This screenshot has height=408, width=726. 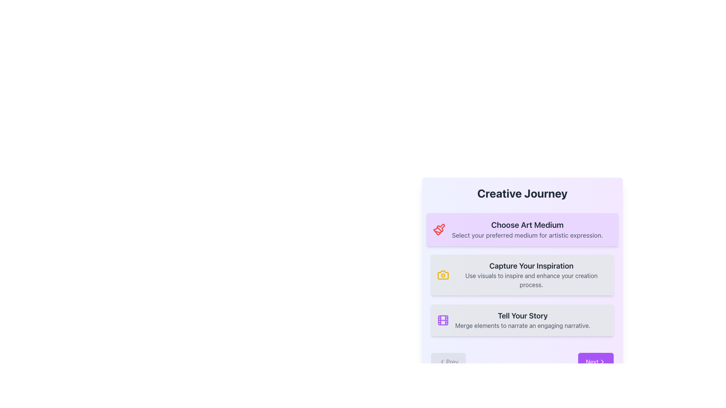 I want to click on text-based descriptive block that prompts the user to 'Choose Art Medium' and provides further guidance on selecting a preferred medium for artistic expression, so click(x=527, y=229).